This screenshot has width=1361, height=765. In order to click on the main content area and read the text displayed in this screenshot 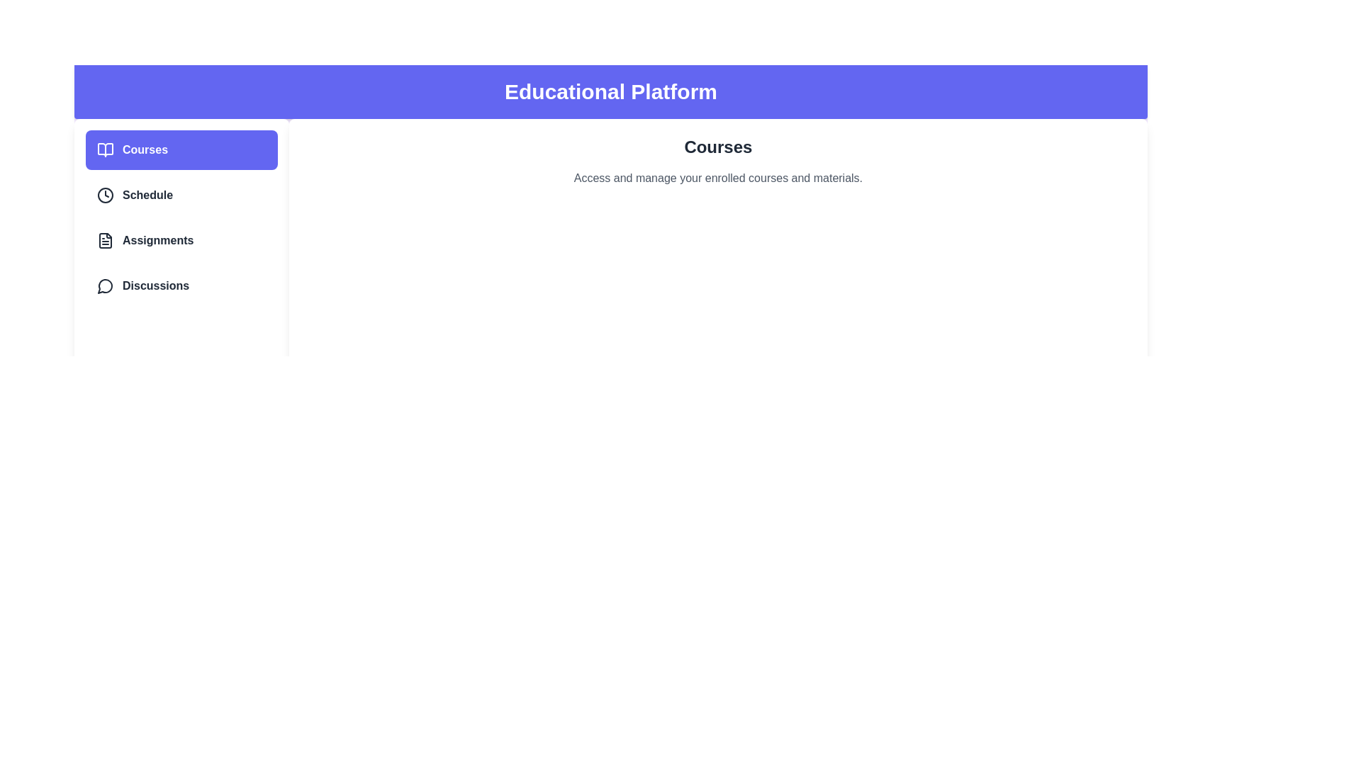, I will do `click(717, 147)`.